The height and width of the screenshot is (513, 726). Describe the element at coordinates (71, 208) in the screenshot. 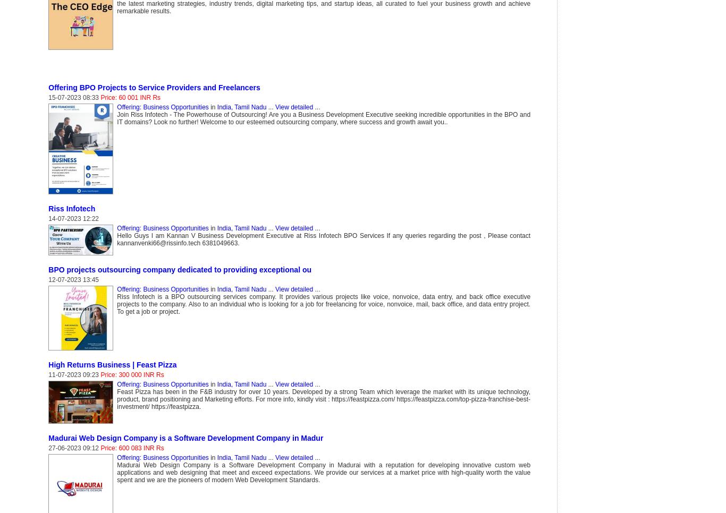

I see `'Riss Infotech'` at that location.